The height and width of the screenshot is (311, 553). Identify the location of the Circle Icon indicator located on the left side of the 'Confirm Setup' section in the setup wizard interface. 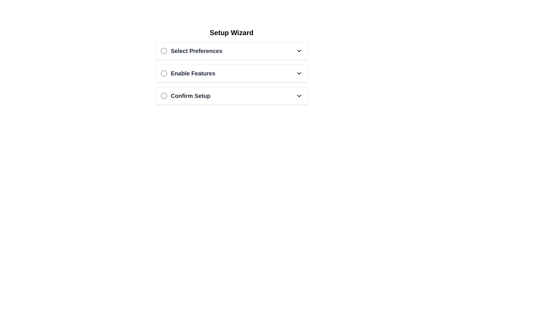
(164, 95).